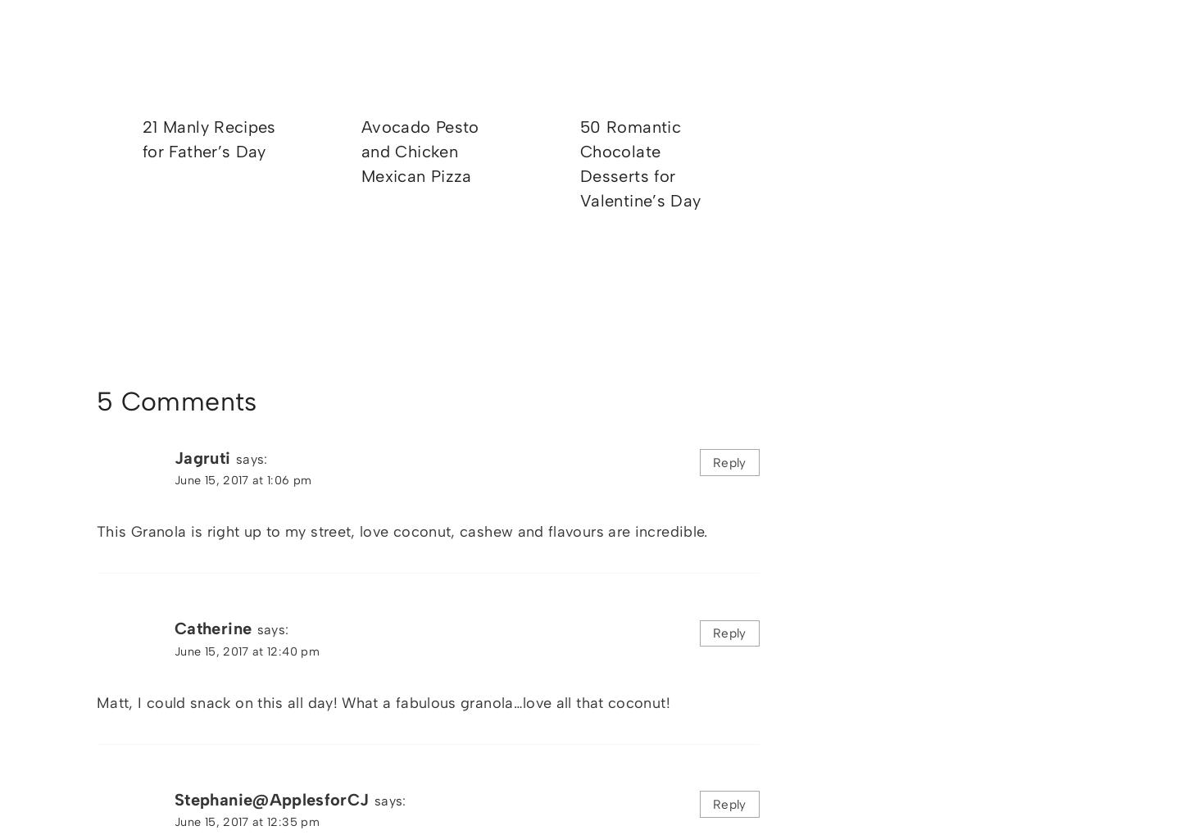 The width and height of the screenshot is (1203, 835). What do you see at coordinates (202, 456) in the screenshot?
I see `'Jagruti'` at bounding box center [202, 456].